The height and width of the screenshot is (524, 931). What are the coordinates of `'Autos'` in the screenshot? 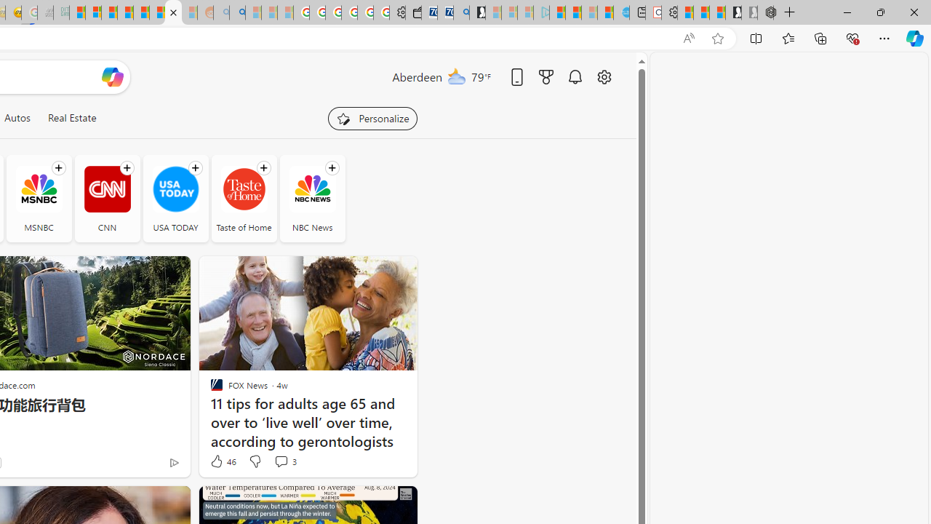 It's located at (17, 117).